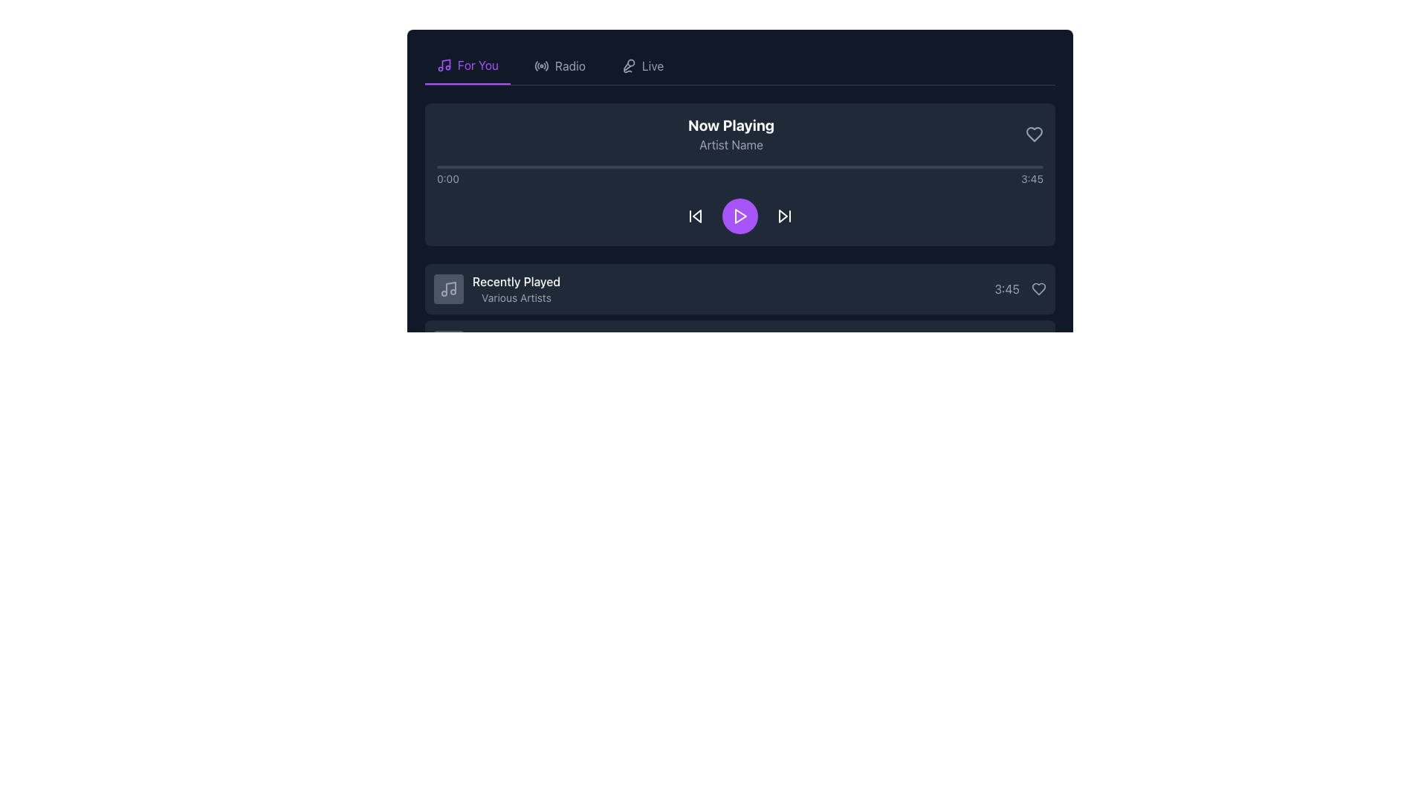 The width and height of the screenshot is (1427, 803). I want to click on the triangle-shaped play icon embedded within the circular purple button located in the control bar, so click(741, 216).